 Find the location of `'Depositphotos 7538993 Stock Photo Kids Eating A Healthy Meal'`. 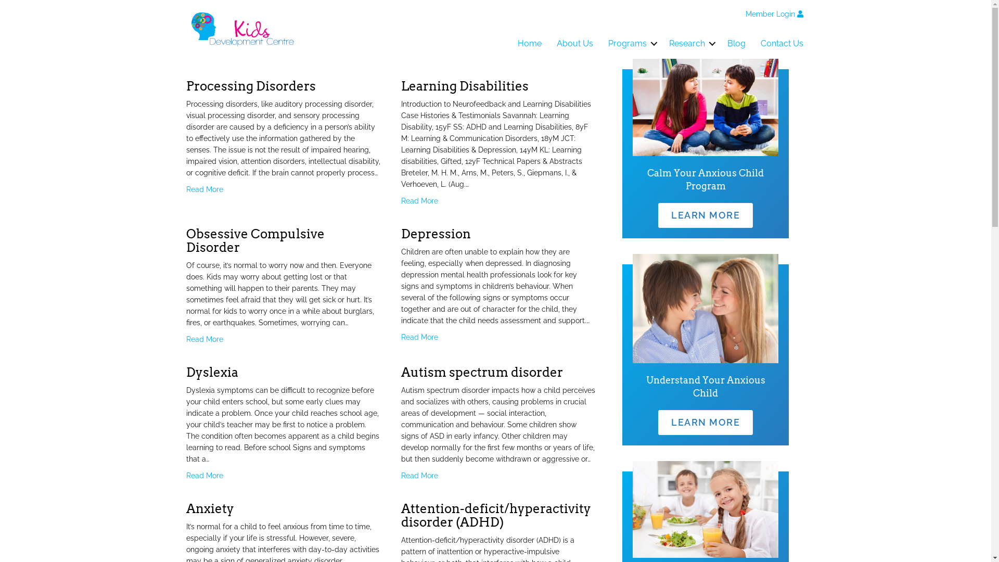

'Depositphotos 7538993 Stock Photo Kids Eating A Healthy Meal' is located at coordinates (706, 509).